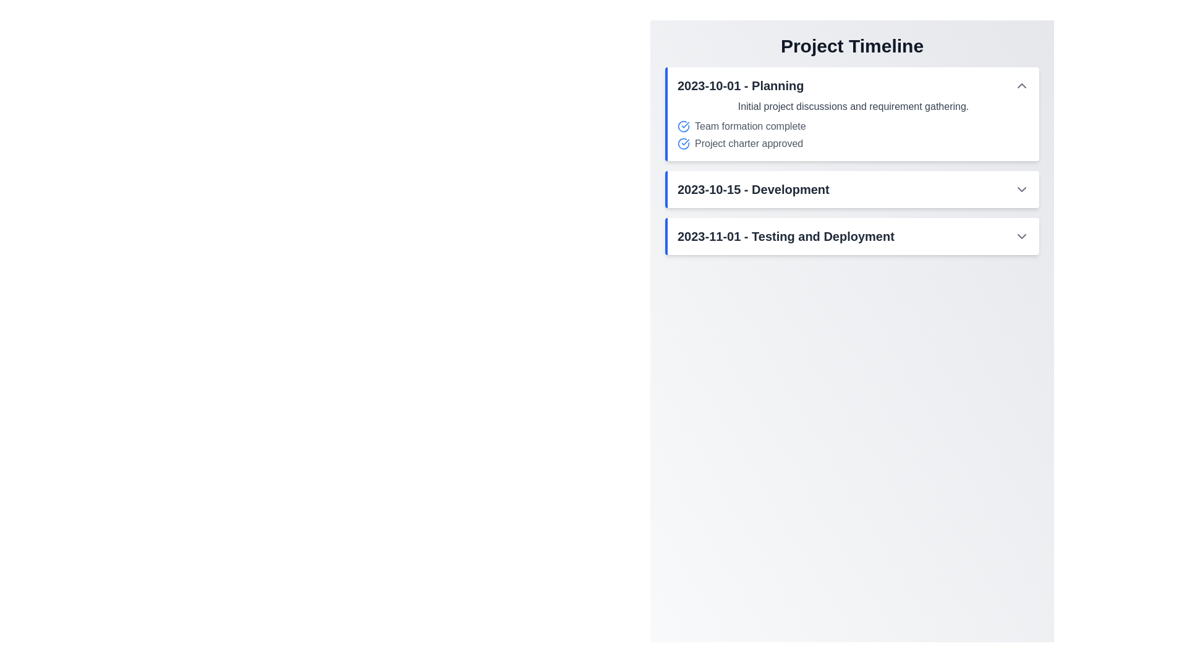 This screenshot has height=667, width=1187. What do you see at coordinates (851, 236) in the screenshot?
I see `the Timeline event entry labeled '2023-11-01 - Testing and Deployment', which has a white background, rounded border, and a blue vertical border on the left, indicating it is expandable` at bounding box center [851, 236].